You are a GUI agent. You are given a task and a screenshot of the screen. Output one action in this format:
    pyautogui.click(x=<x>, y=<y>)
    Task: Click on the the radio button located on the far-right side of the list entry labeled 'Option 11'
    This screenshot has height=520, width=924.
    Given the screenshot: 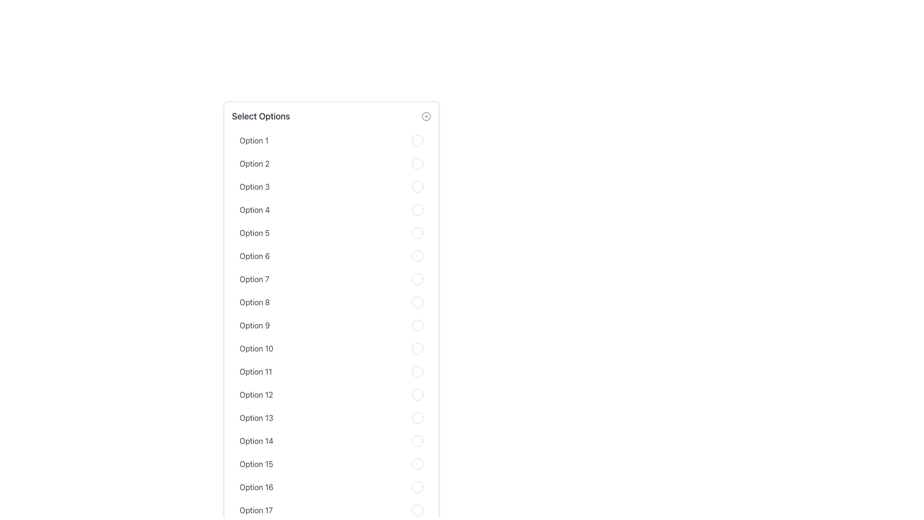 What is the action you would take?
    pyautogui.click(x=418, y=371)
    